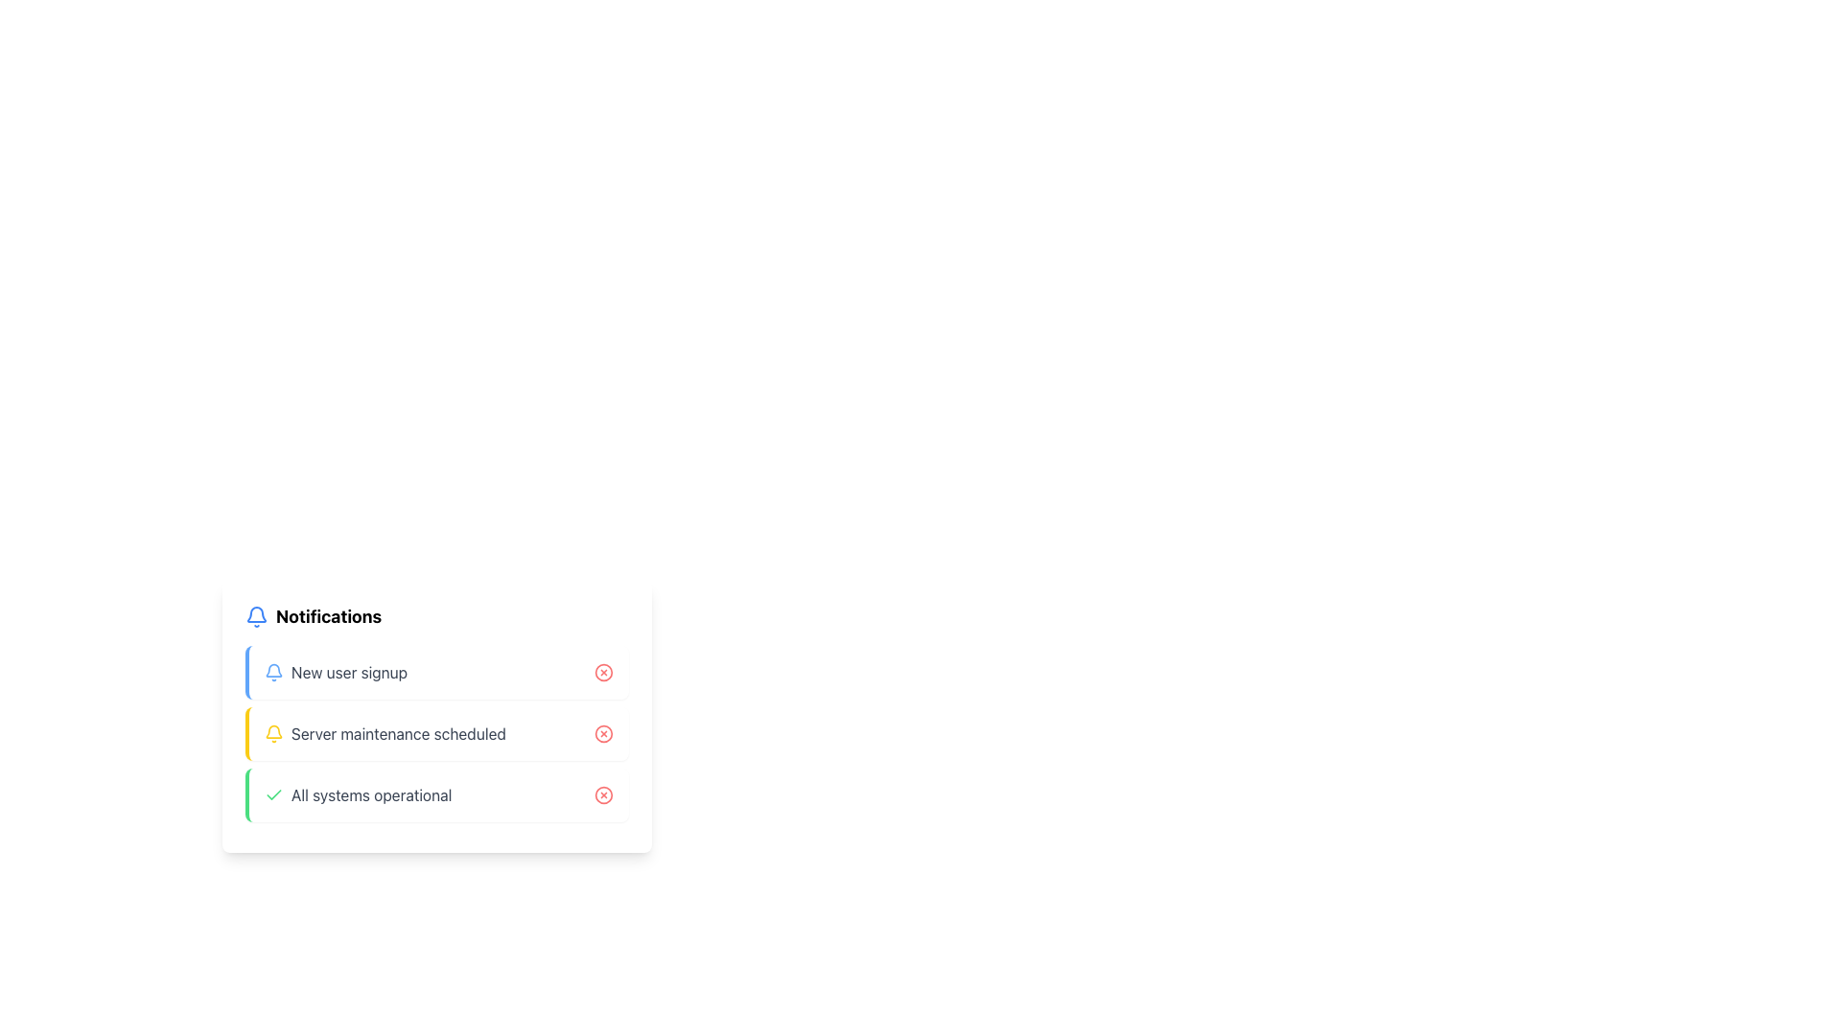  Describe the element at coordinates (273, 733) in the screenshot. I see `the yellow bell icon located to the left of the text 'Server maintenance scheduled'` at that location.